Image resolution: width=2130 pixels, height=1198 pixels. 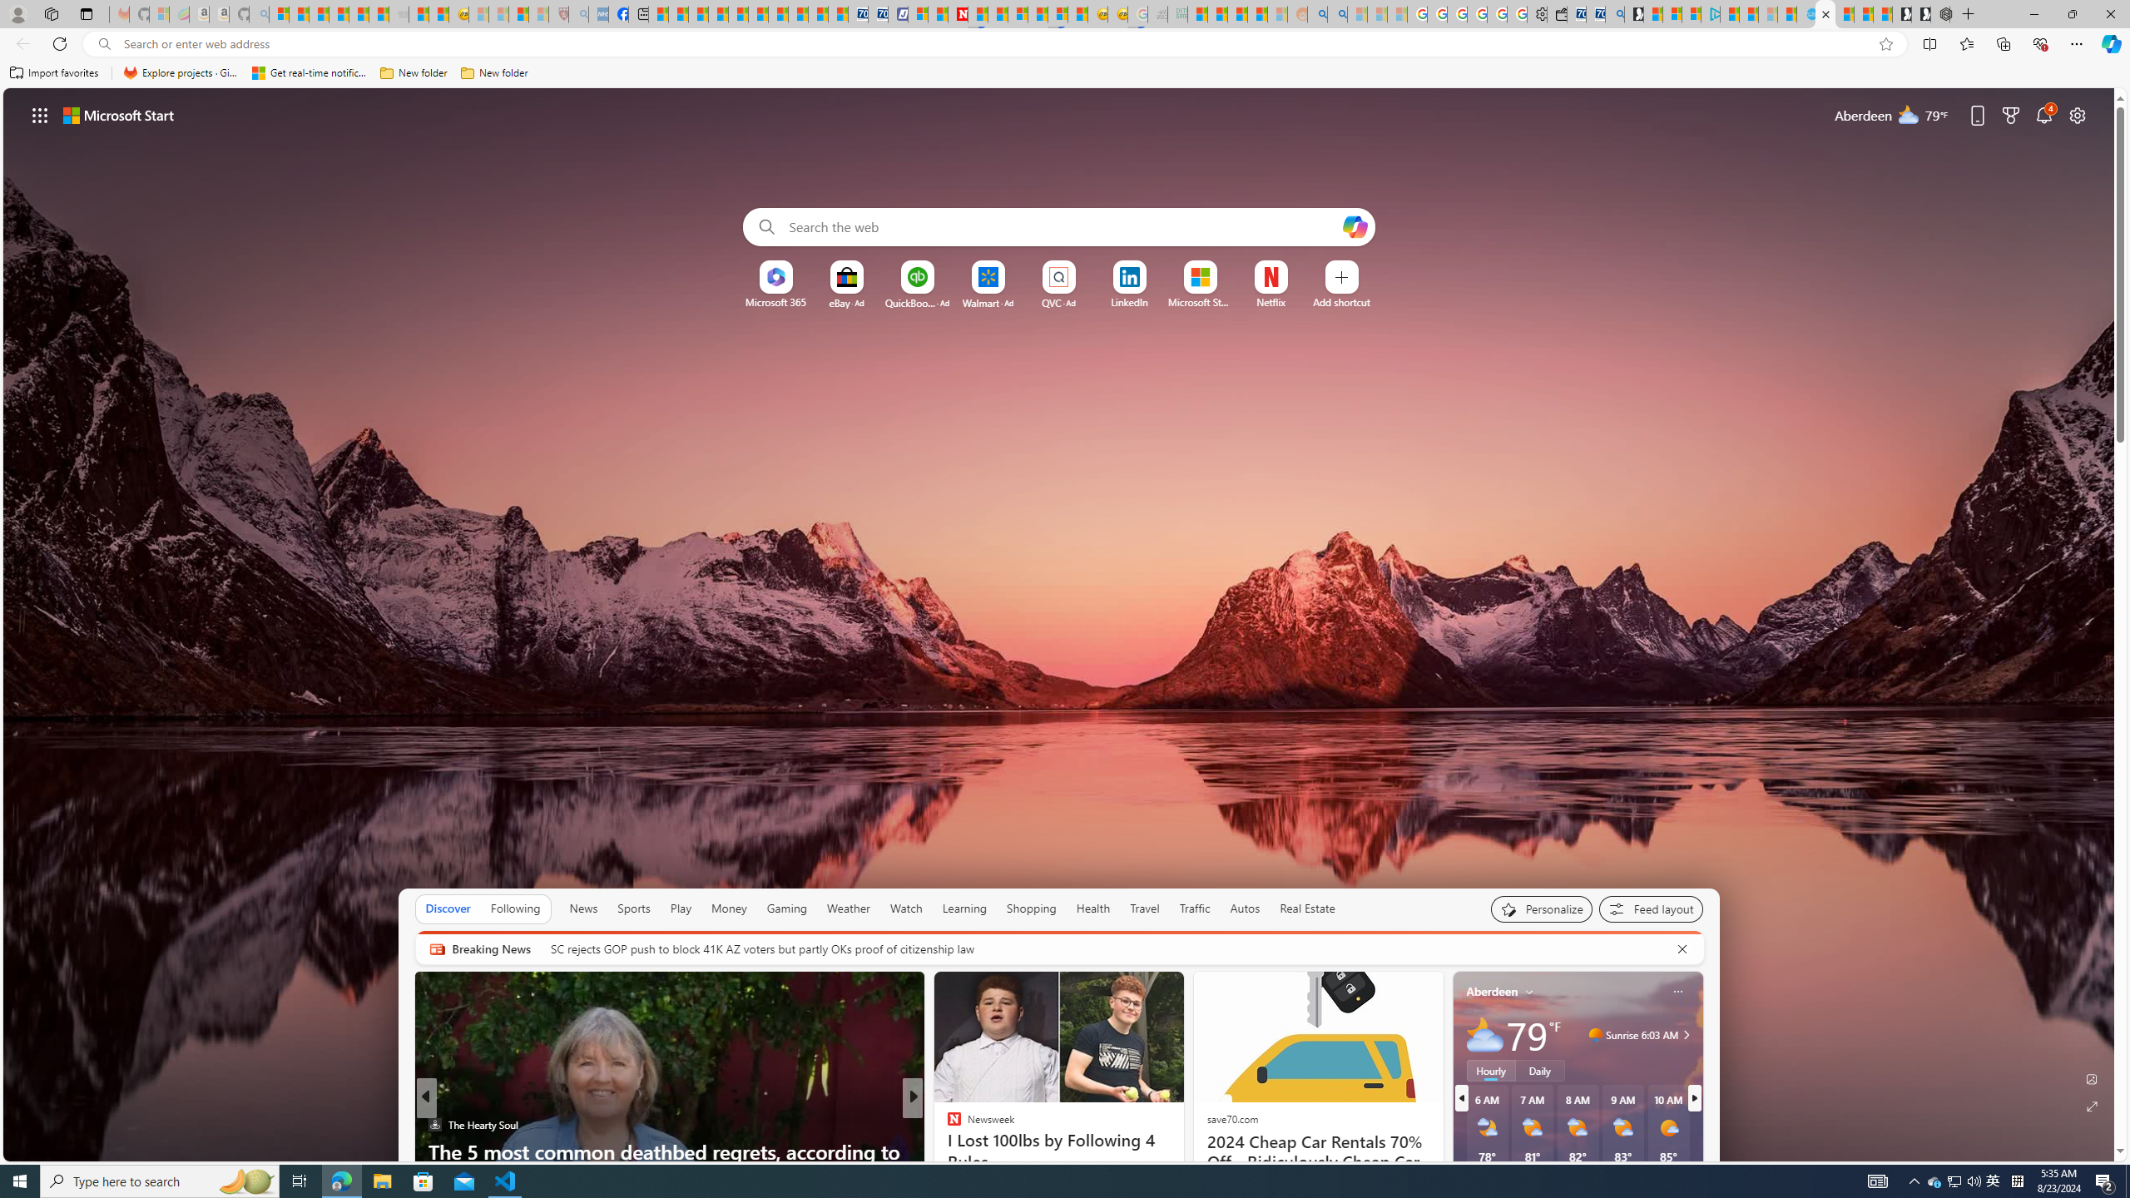 What do you see at coordinates (1271, 302) in the screenshot?
I see `'Netflix'` at bounding box center [1271, 302].